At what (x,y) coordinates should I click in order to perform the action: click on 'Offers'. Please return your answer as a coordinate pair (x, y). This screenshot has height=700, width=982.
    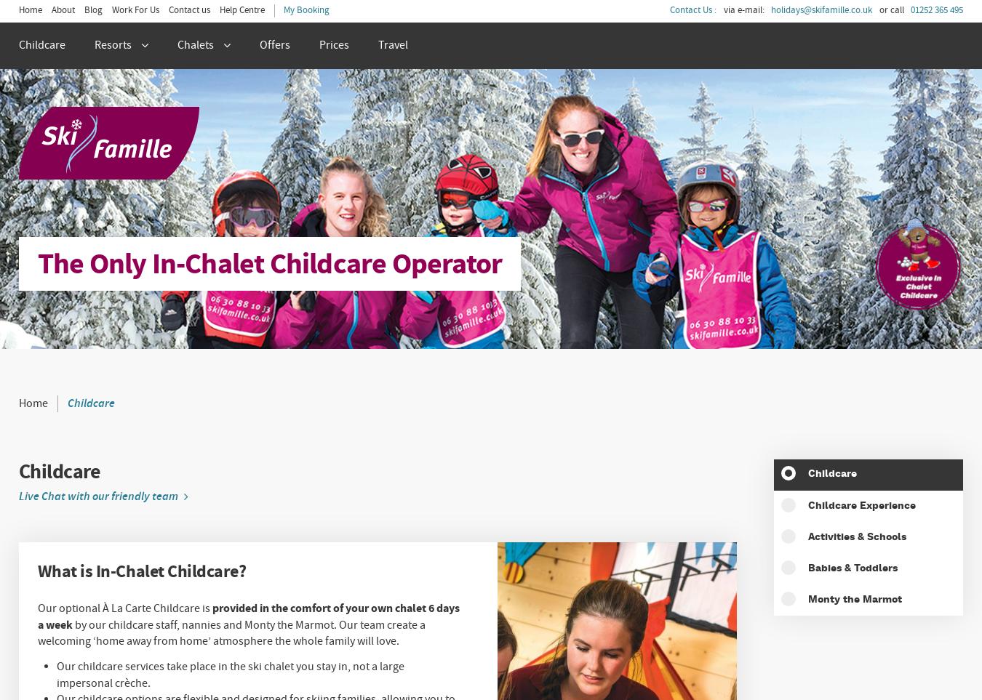
    Looking at the image, I should click on (258, 44).